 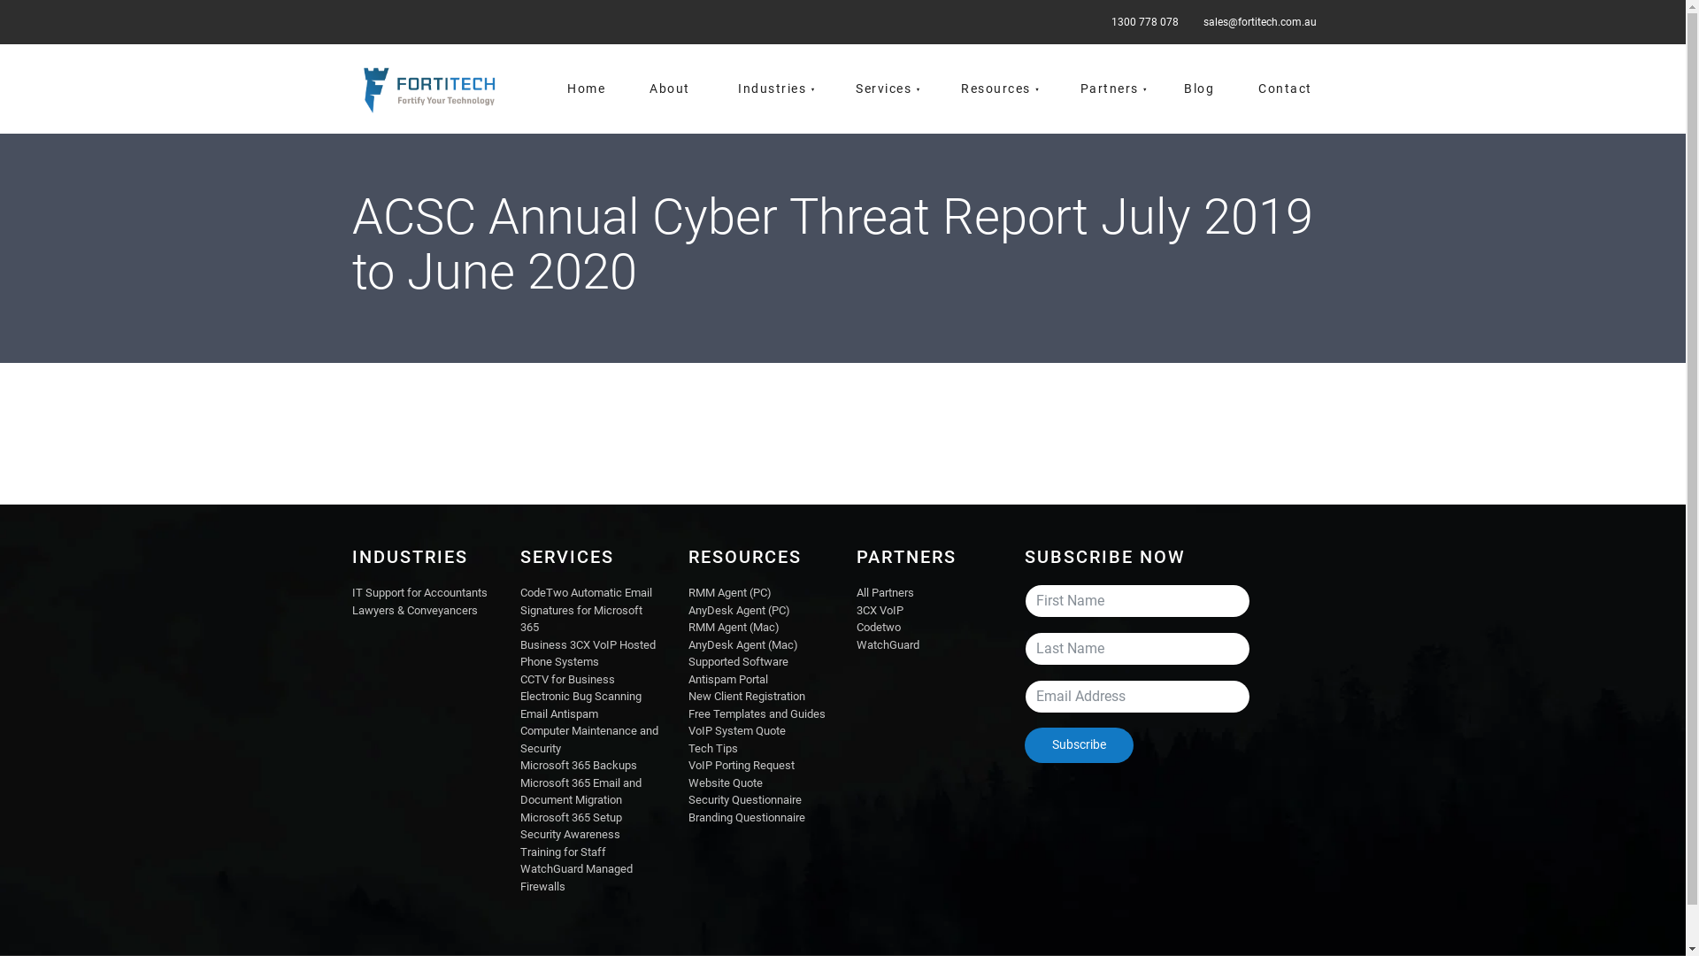 What do you see at coordinates (738, 661) in the screenshot?
I see `'Supported Software'` at bounding box center [738, 661].